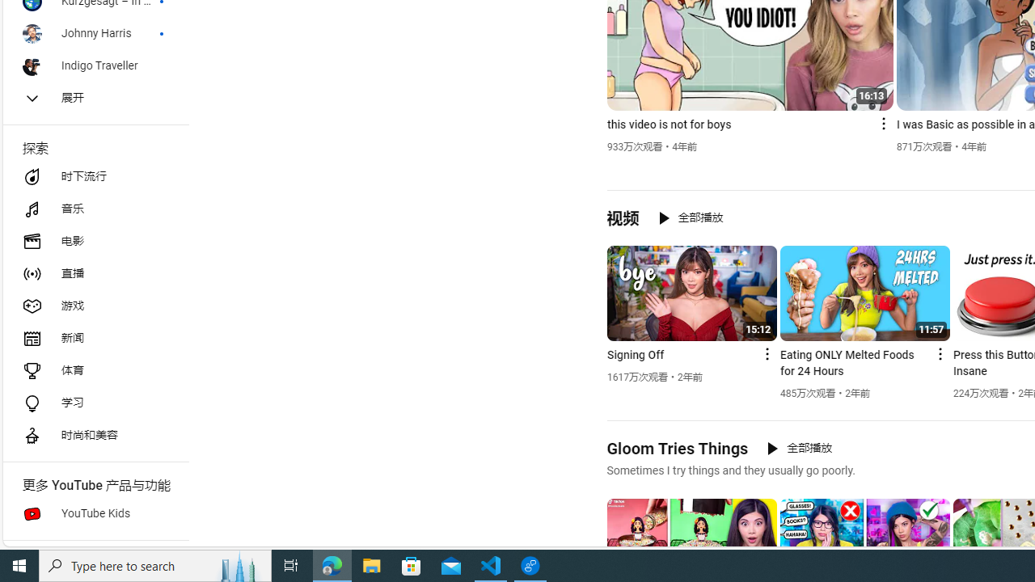 The width and height of the screenshot is (1035, 582). What do you see at coordinates (94, 65) in the screenshot?
I see `'Indigo Traveller'` at bounding box center [94, 65].